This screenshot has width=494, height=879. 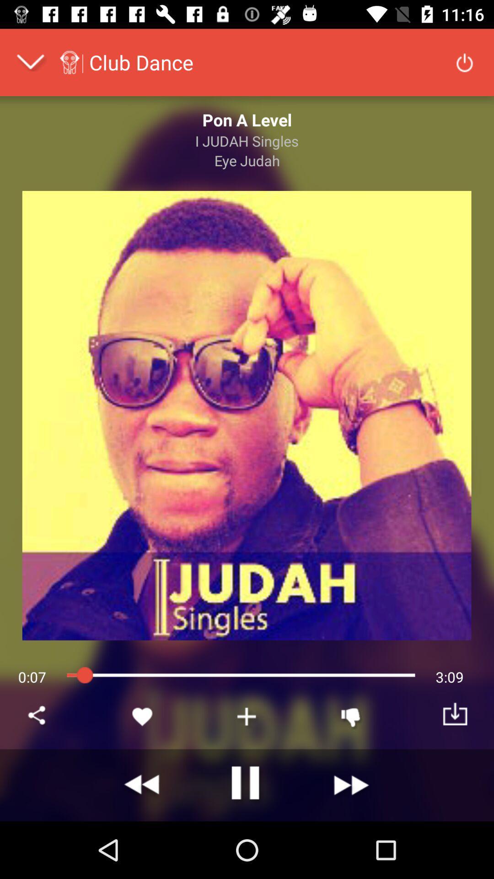 I want to click on the av_forward icon, so click(x=350, y=785).